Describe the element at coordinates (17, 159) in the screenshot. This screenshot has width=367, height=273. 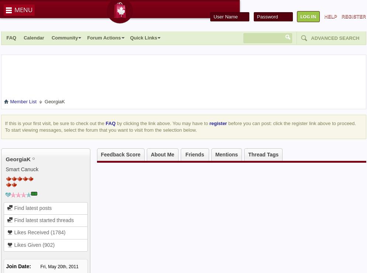
I see `'GeorgiaK'` at that location.